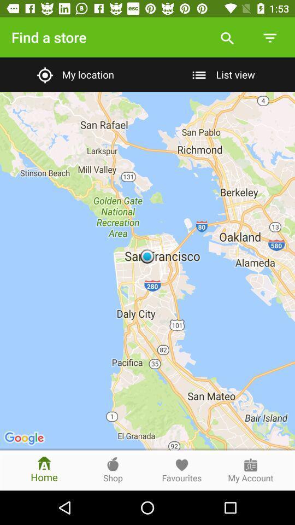  I want to click on item next to list view, so click(74, 74).